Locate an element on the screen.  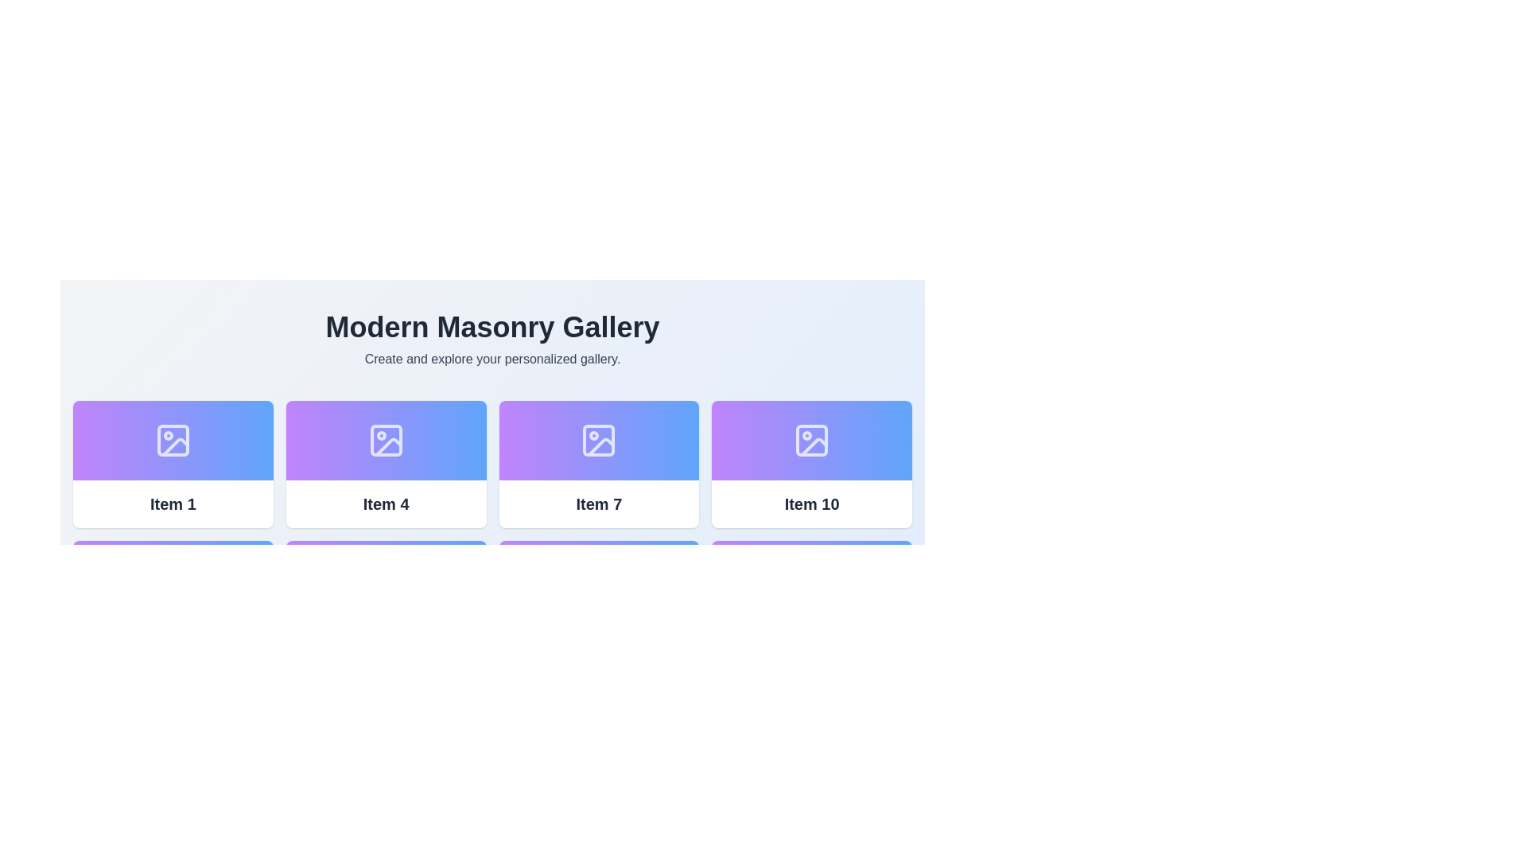
the tile with a gradient background transitioning from purple to blue, which contains a centered white icon and the label 'Item 10' in bold is located at coordinates (812, 464).